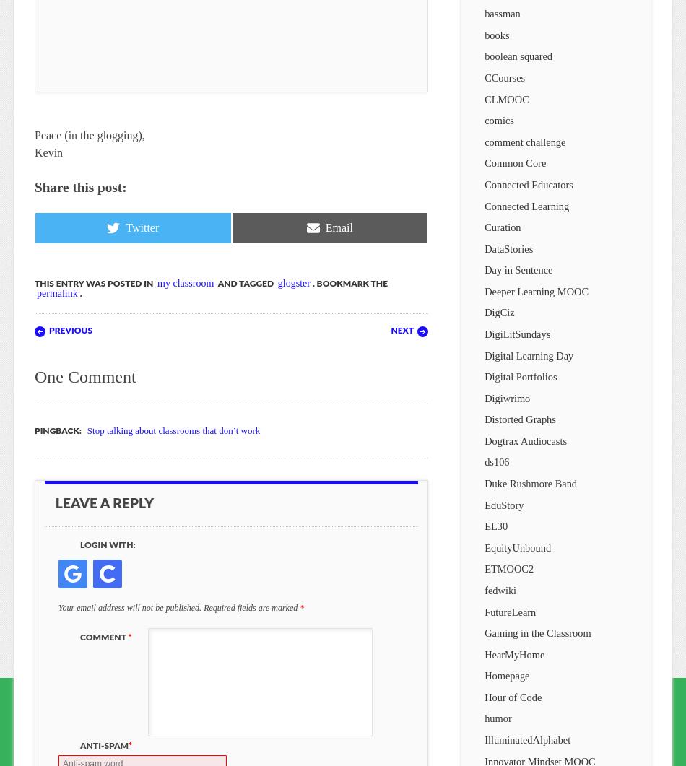  Describe the element at coordinates (484, 290) in the screenshot. I see `'Deeper Learning MOOC'` at that location.